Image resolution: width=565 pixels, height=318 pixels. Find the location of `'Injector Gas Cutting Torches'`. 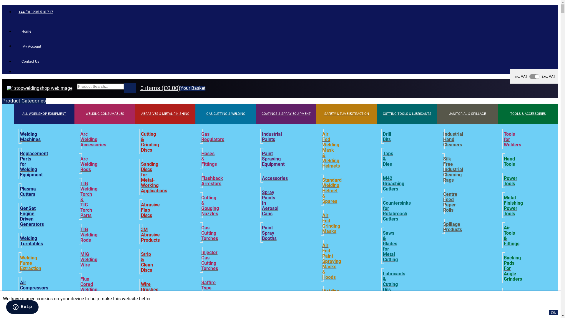

'Injector Gas Cutting Torches' is located at coordinates (210, 260).